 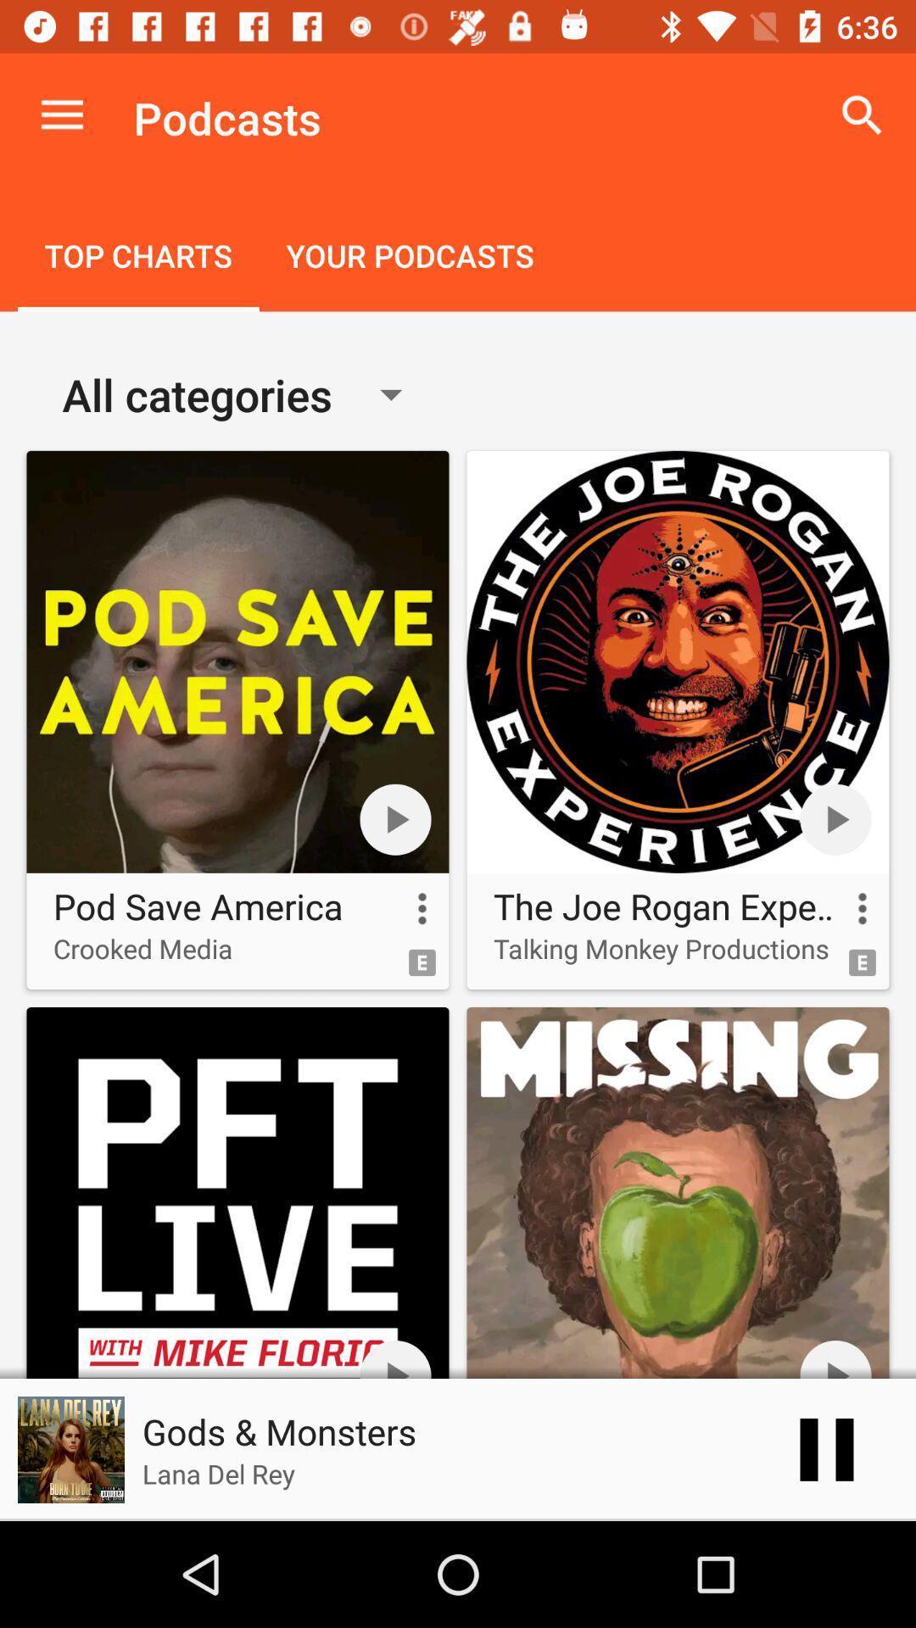 What do you see at coordinates (863, 114) in the screenshot?
I see `item at the top right corner` at bounding box center [863, 114].